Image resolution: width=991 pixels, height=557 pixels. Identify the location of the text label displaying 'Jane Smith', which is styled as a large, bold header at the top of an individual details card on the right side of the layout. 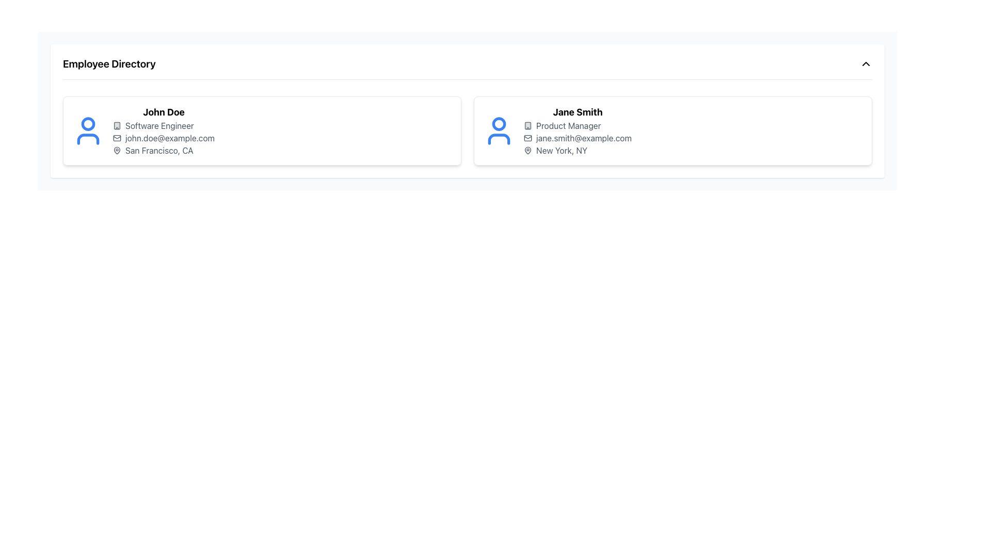
(577, 112).